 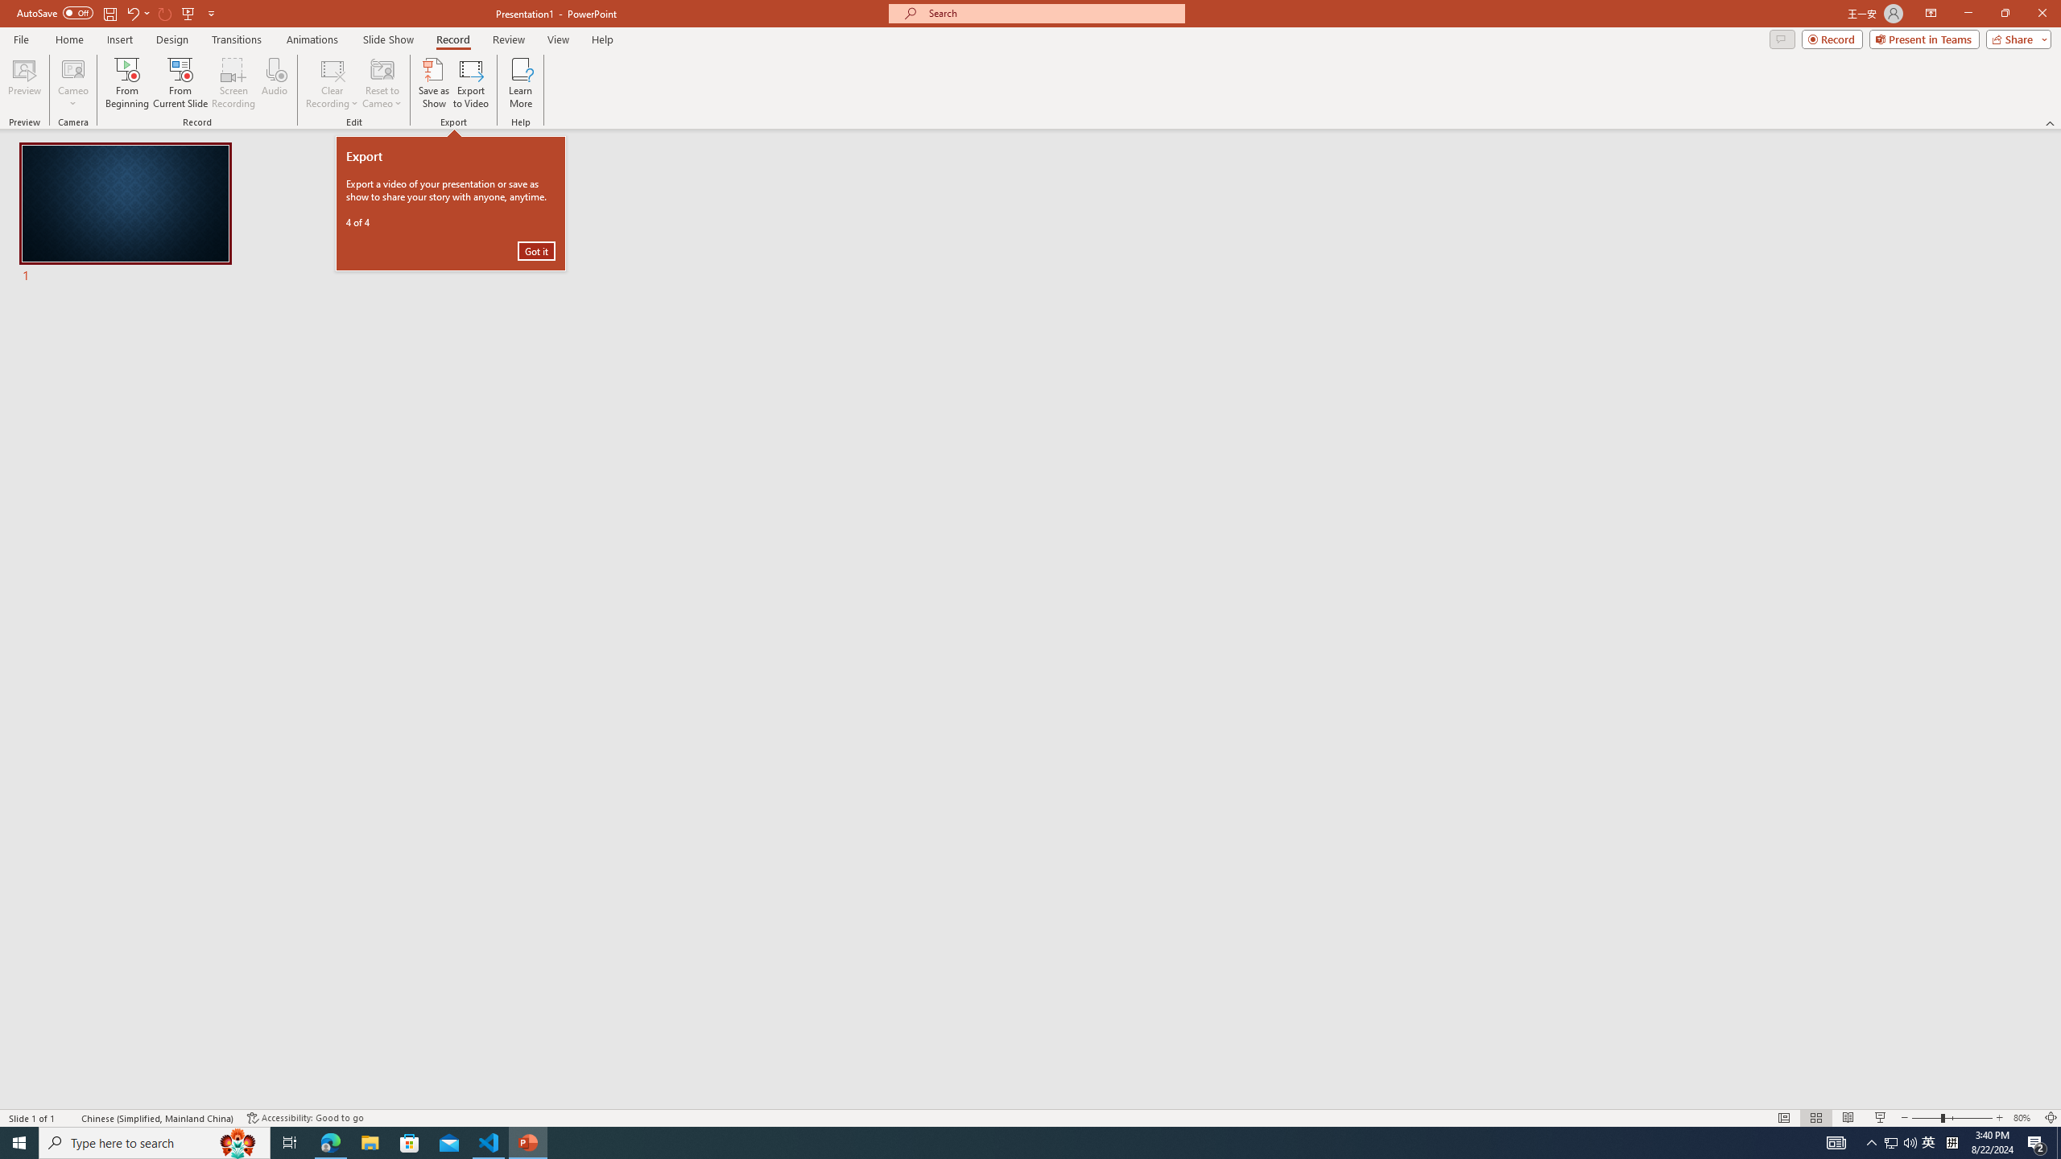 What do you see at coordinates (288, 1141) in the screenshot?
I see `'Task View'` at bounding box center [288, 1141].